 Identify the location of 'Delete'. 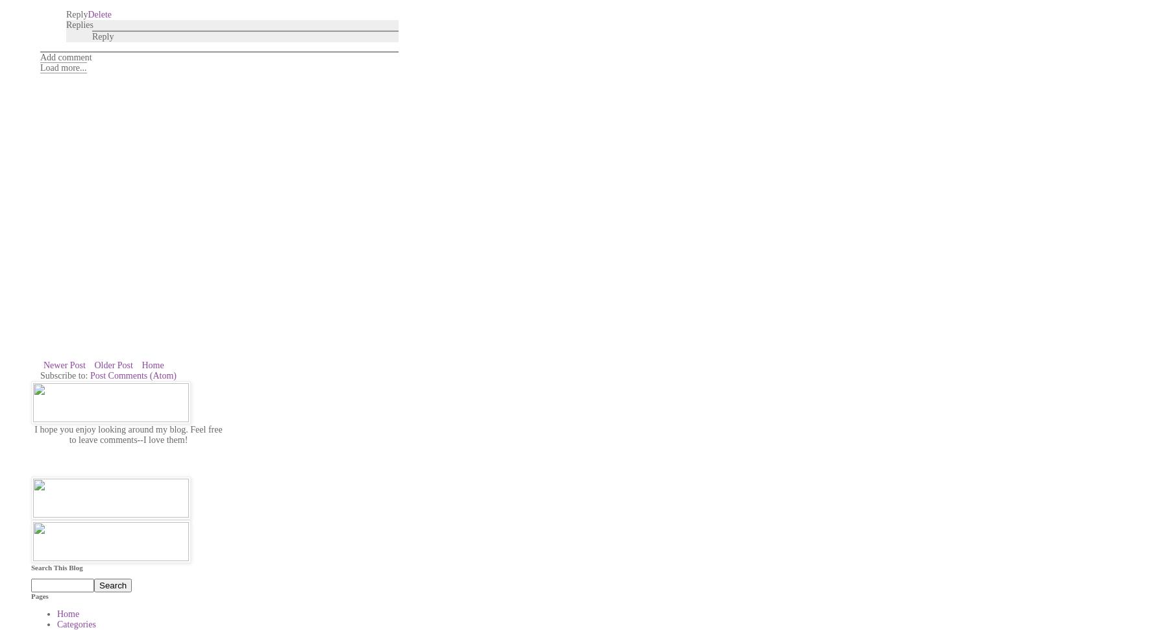
(99, 14).